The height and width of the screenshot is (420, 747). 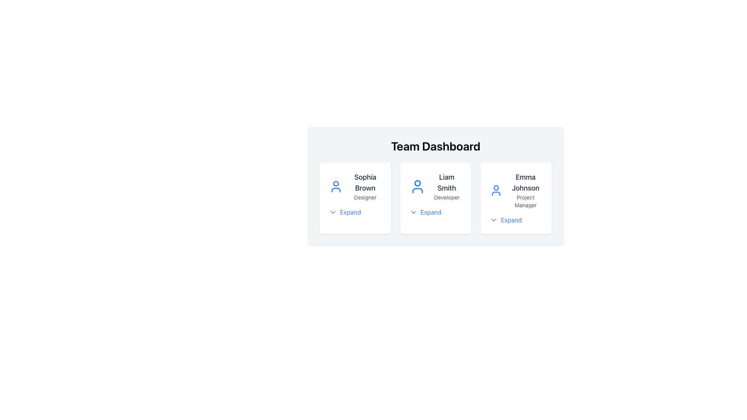 I want to click on the curved line segment of the user profile icon located above the 'Emma Johnson' text box in the 'Team Dashboard' interface, so click(x=496, y=193).